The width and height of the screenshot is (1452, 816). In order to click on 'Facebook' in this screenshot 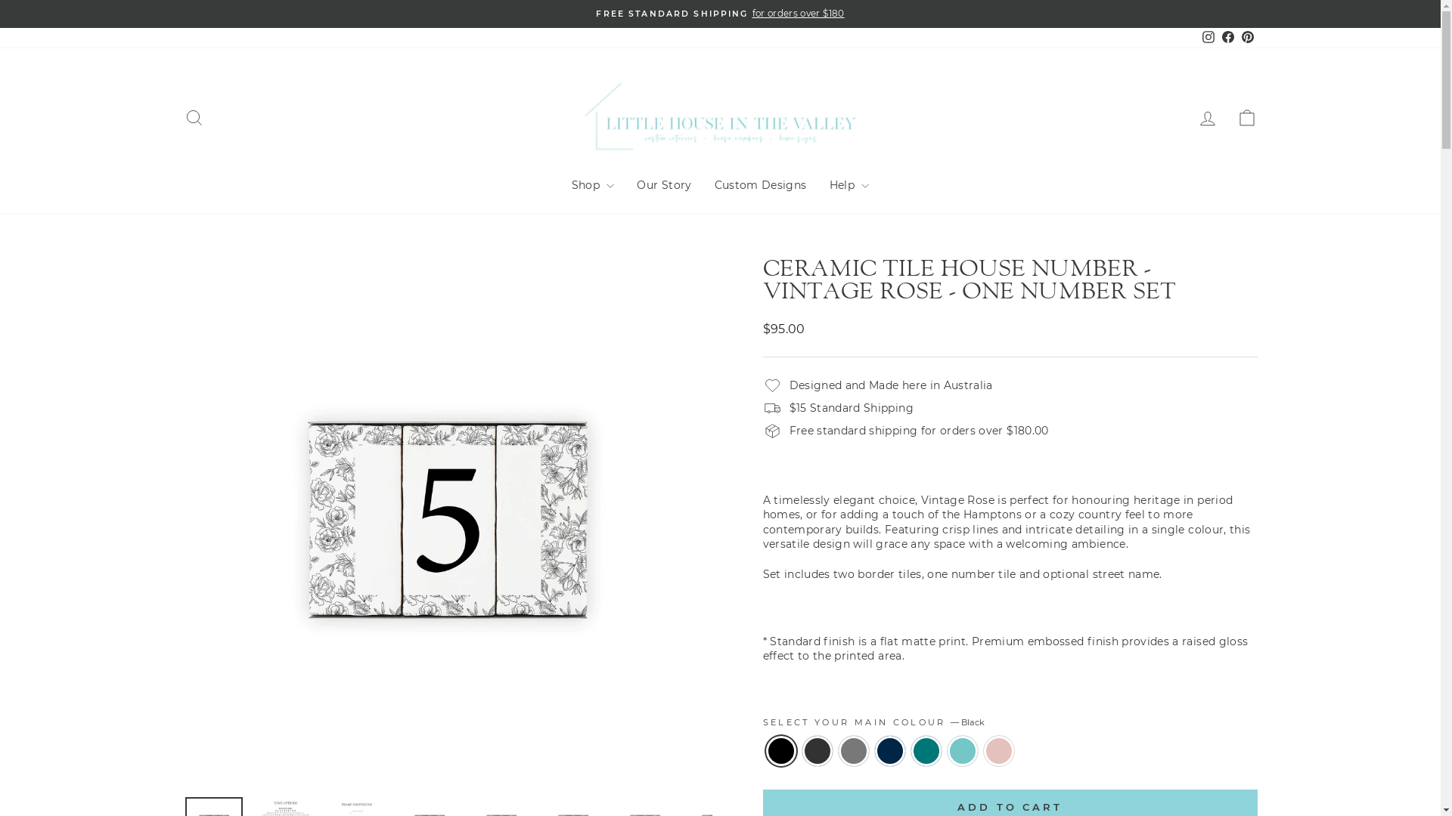, I will do `click(1217, 37)`.